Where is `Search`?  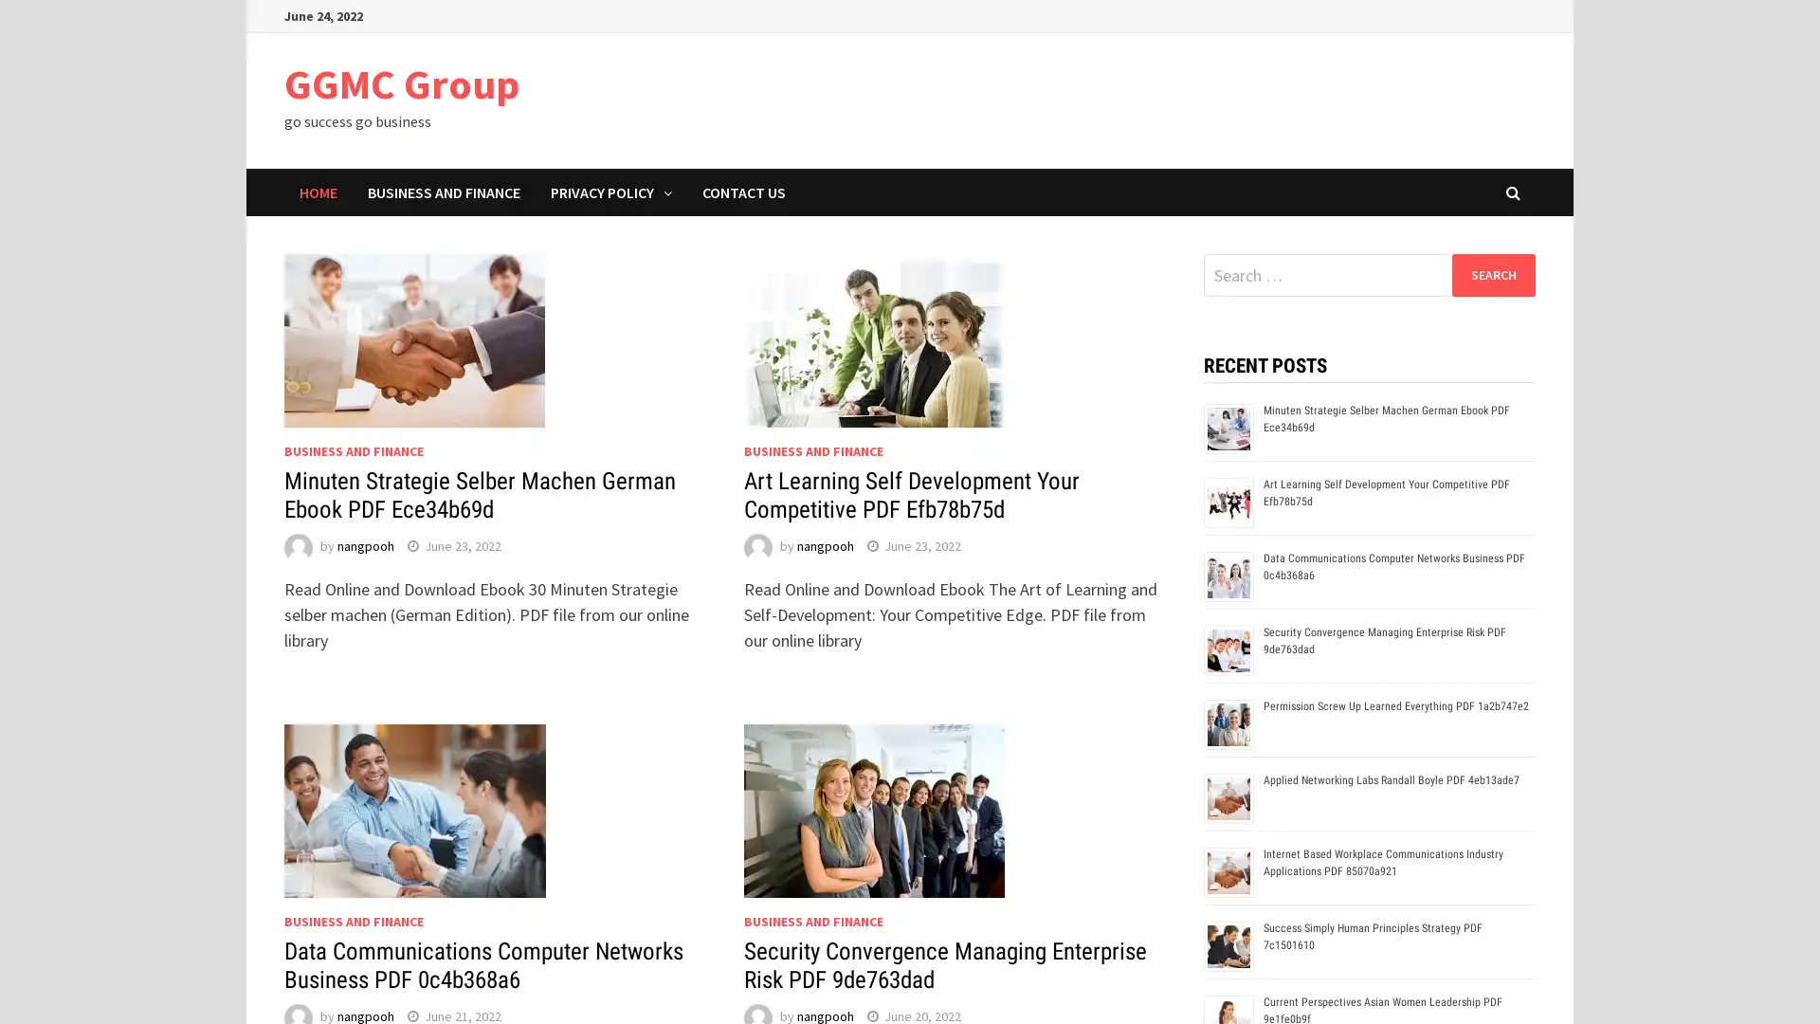
Search is located at coordinates (1492, 274).